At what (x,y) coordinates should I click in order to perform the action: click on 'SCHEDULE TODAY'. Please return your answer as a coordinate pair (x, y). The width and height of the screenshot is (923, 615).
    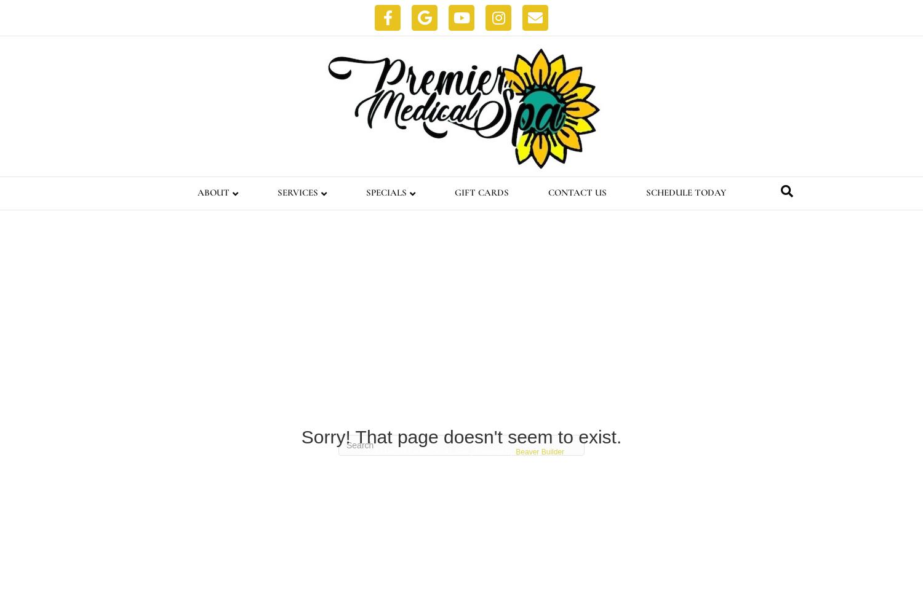
    Looking at the image, I should click on (685, 192).